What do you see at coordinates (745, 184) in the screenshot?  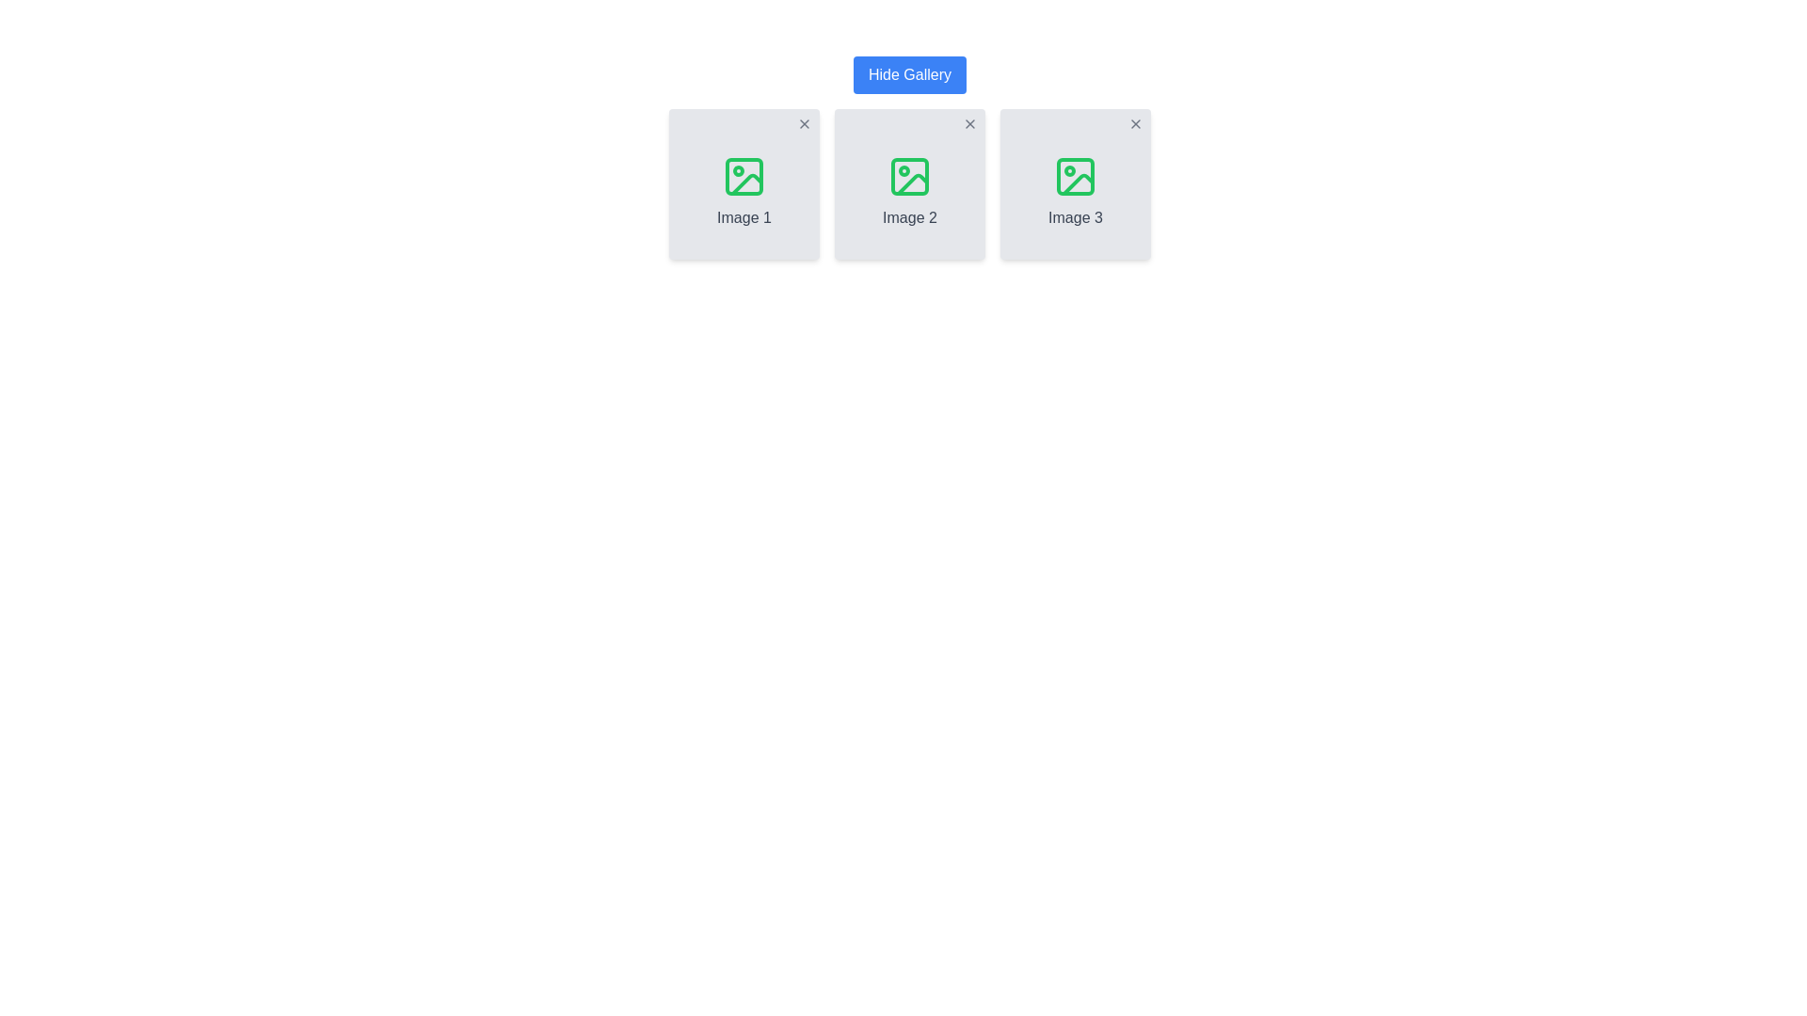 I see `the first icon in the image grid that contains a diagonal line symbol resembling a slash` at bounding box center [745, 184].